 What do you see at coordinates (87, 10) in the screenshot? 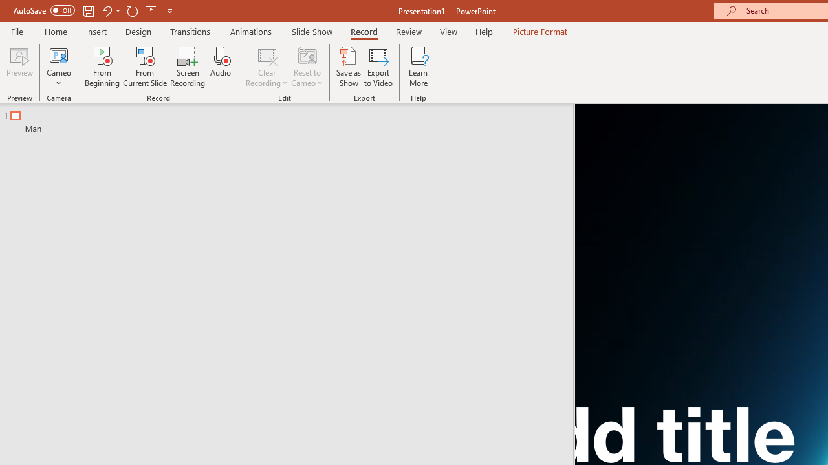
I see `'Save'` at bounding box center [87, 10].